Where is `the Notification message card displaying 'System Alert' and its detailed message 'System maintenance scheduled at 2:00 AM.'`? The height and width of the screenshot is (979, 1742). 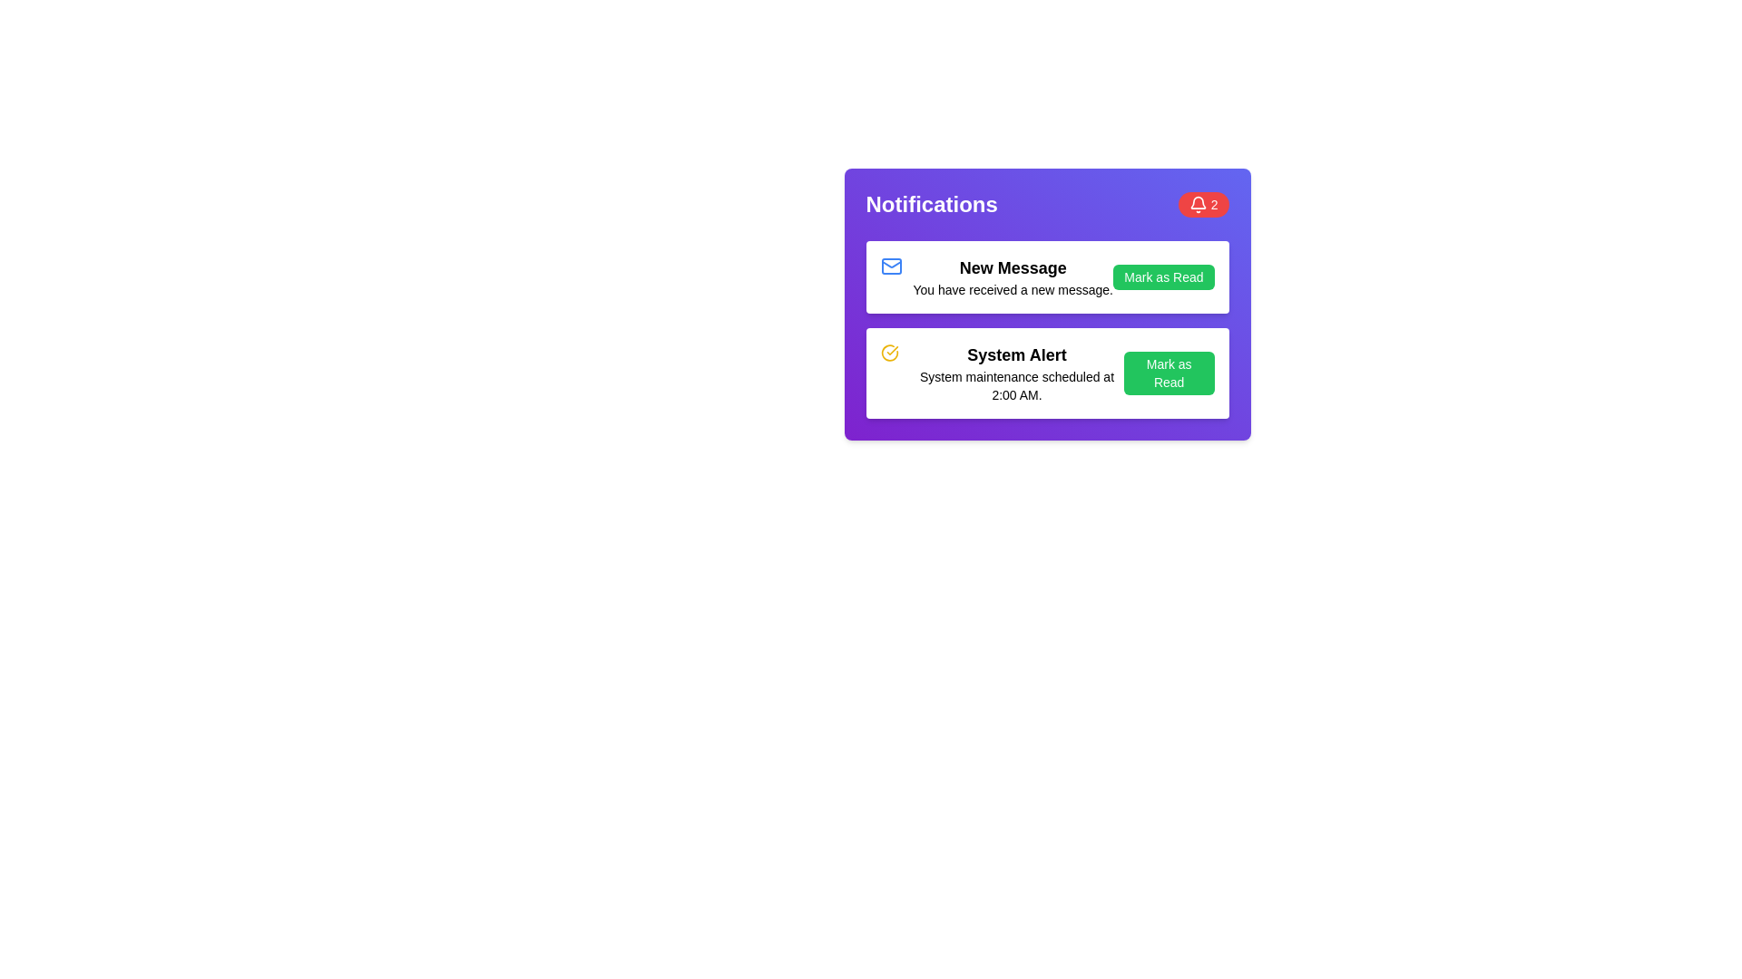
the Notification message card displaying 'System Alert' and its detailed message 'System maintenance scheduled at 2:00 AM.' is located at coordinates (1001, 373).